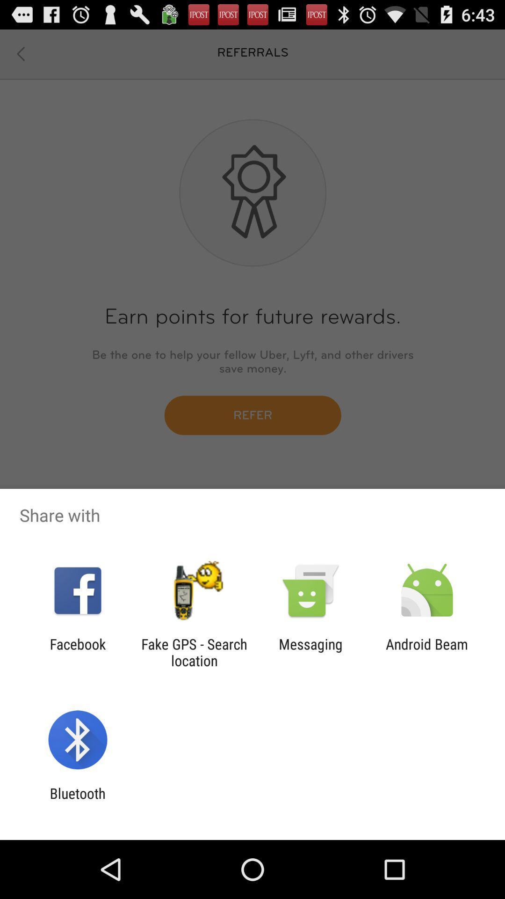 Image resolution: width=505 pixels, height=899 pixels. I want to click on the icon next to the facebook item, so click(194, 652).